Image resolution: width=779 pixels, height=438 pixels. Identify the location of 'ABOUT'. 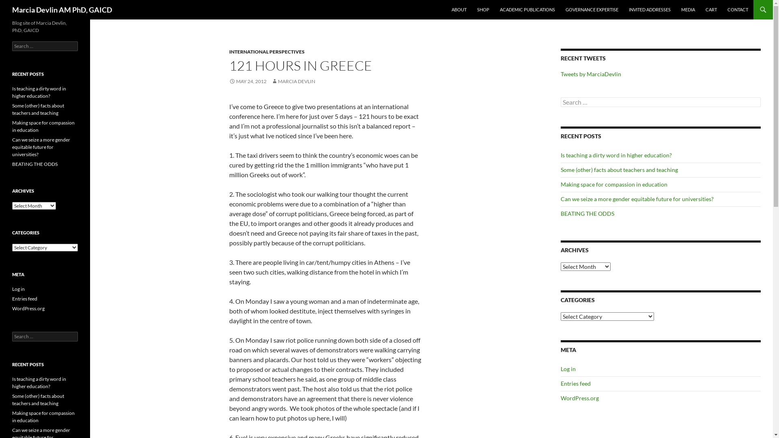
(459, 9).